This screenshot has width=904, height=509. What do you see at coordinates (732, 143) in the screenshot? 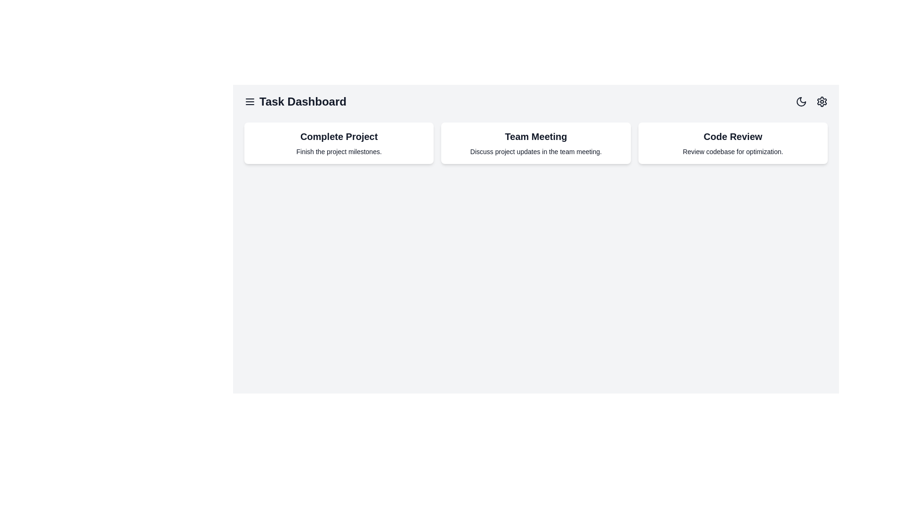
I see `the informational card displaying details about the 'Code Review' task, located in the third column of the grid layout` at bounding box center [732, 143].